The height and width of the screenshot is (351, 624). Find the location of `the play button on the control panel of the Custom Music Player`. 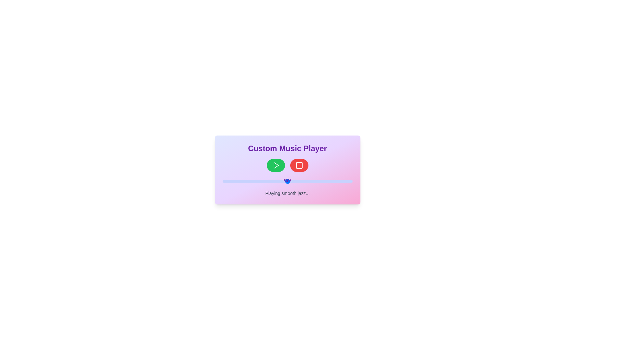

the play button on the control panel of the Custom Music Player is located at coordinates (287, 165).